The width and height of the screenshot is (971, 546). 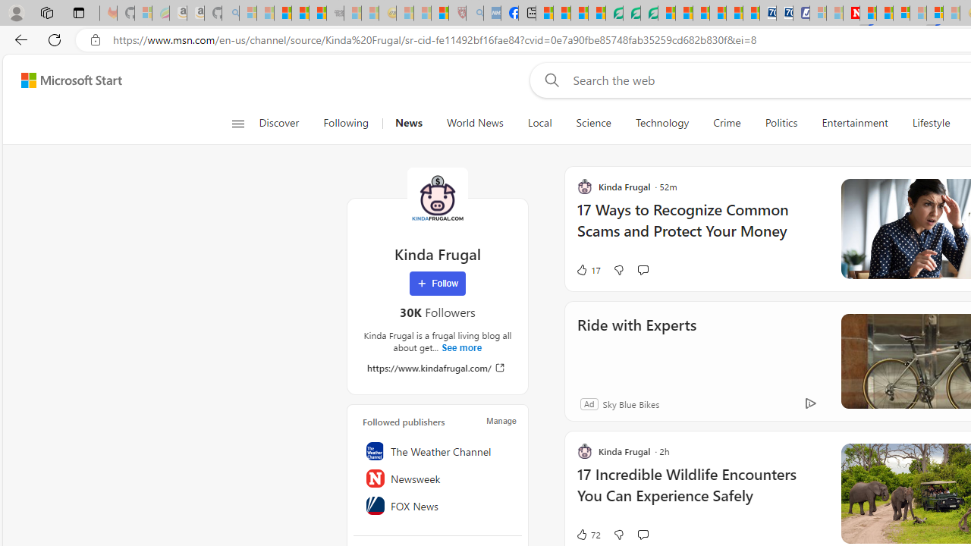 What do you see at coordinates (885, 13) in the screenshot?
I see `'14 Common Myths Debunked By Scientific Facts'` at bounding box center [885, 13].